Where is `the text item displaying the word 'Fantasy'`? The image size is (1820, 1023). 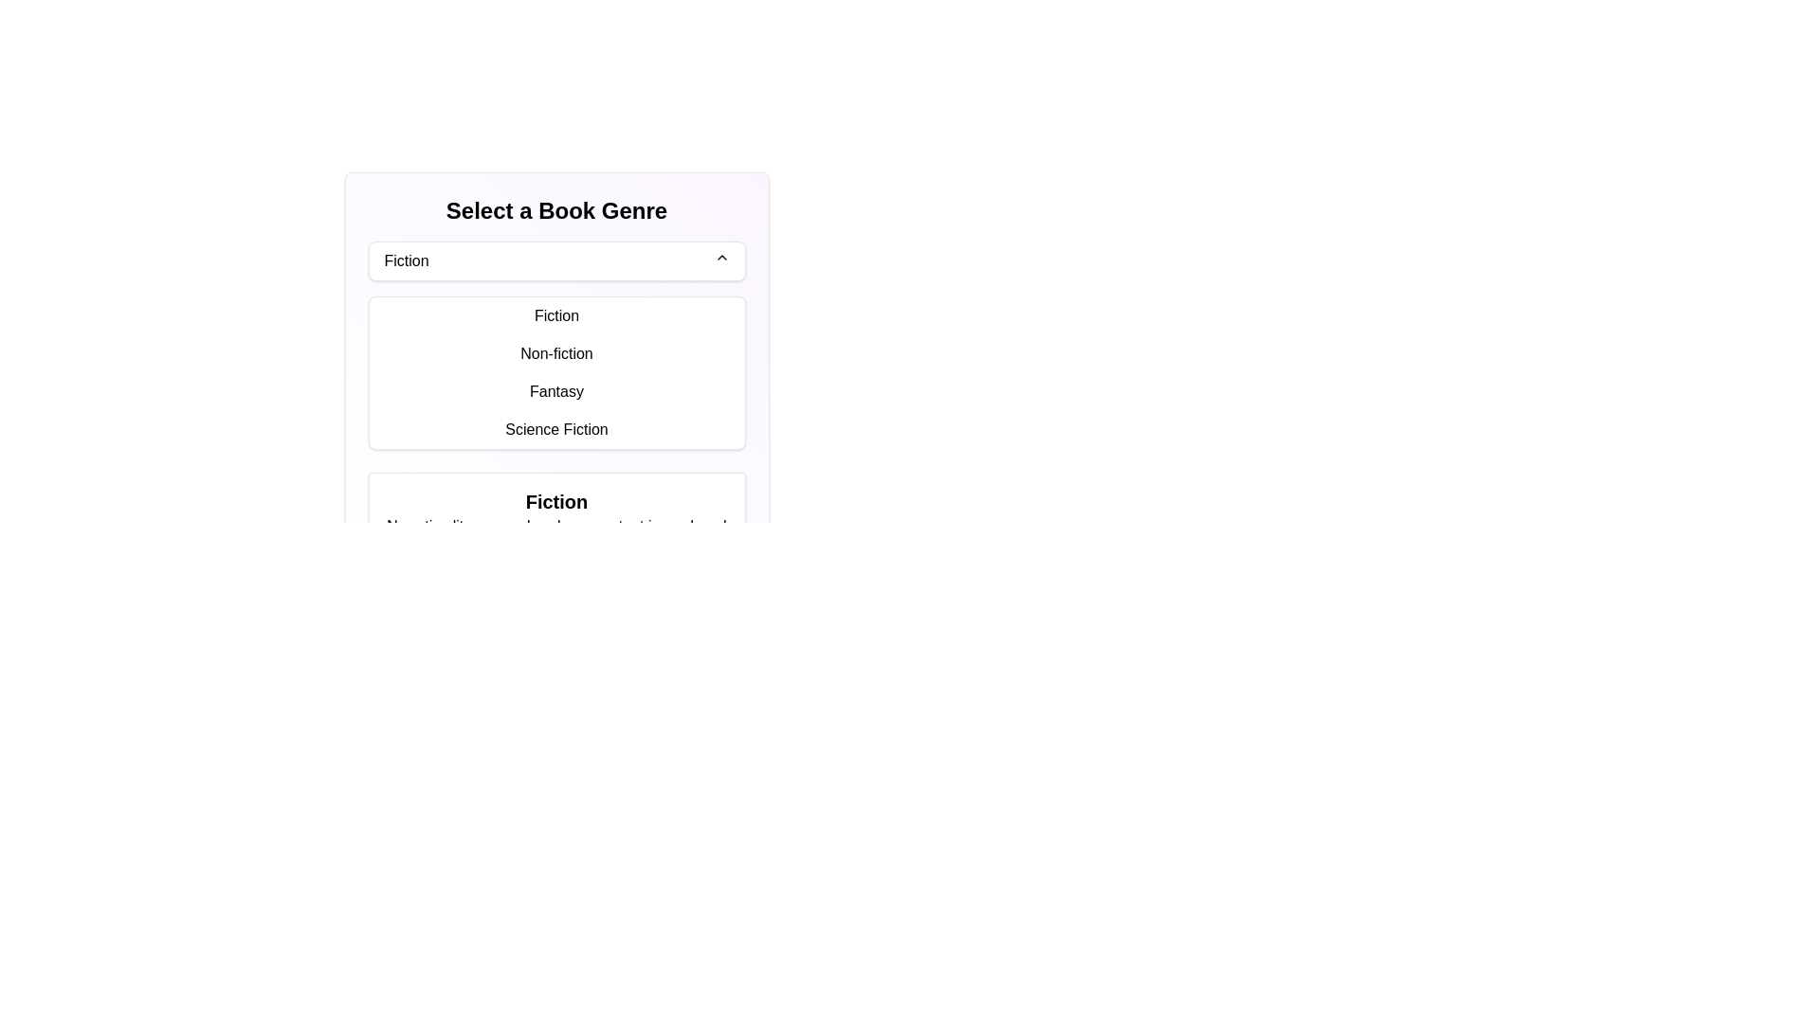
the text item displaying the word 'Fantasy' is located at coordinates (555, 390).